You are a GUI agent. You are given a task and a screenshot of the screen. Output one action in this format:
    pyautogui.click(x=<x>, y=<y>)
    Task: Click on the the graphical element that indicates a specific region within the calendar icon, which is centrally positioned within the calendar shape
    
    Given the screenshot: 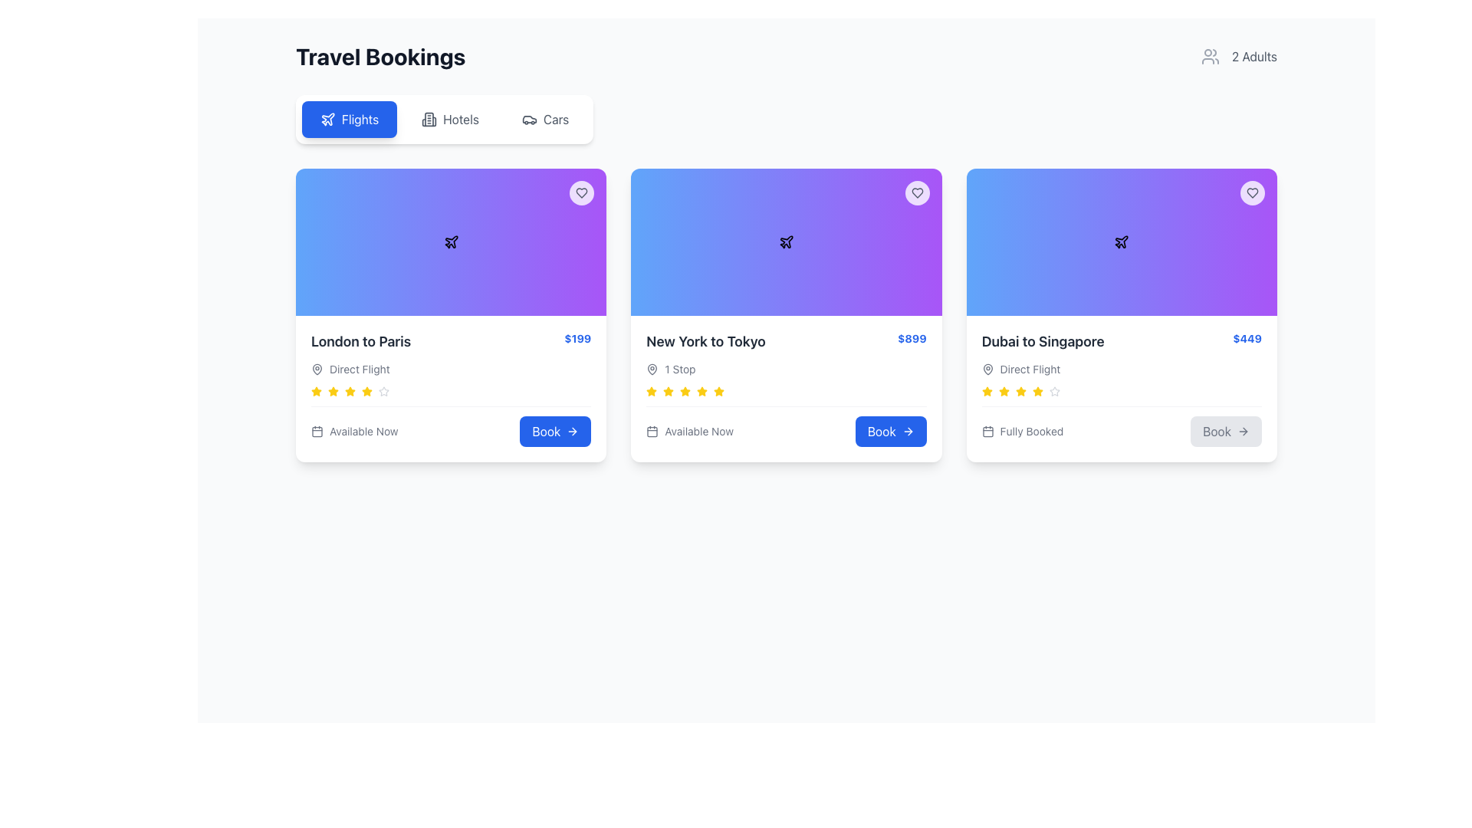 What is the action you would take?
    pyautogui.click(x=652, y=432)
    